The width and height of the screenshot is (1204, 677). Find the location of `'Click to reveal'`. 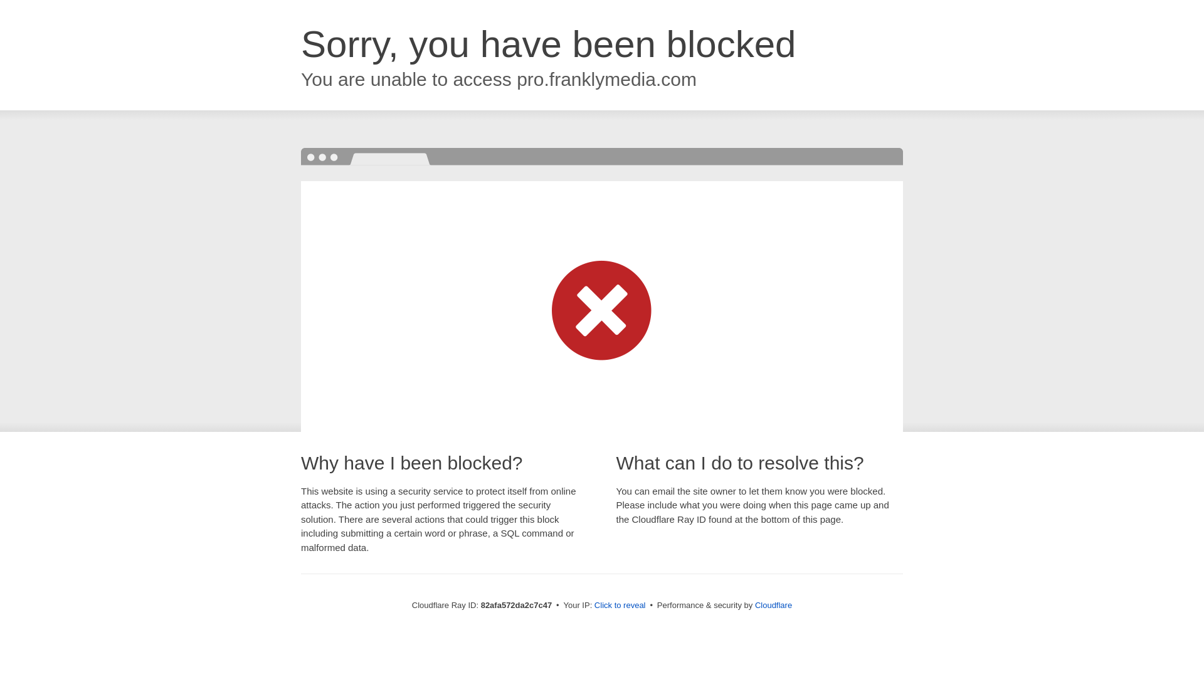

'Click to reveal' is located at coordinates (620, 604).